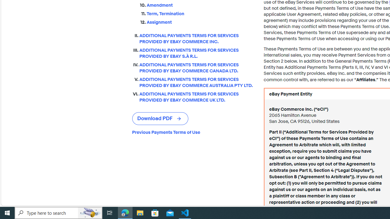 The width and height of the screenshot is (390, 219). What do you see at coordinates (200, 14) in the screenshot?
I see `'Term, Termination'` at bounding box center [200, 14].